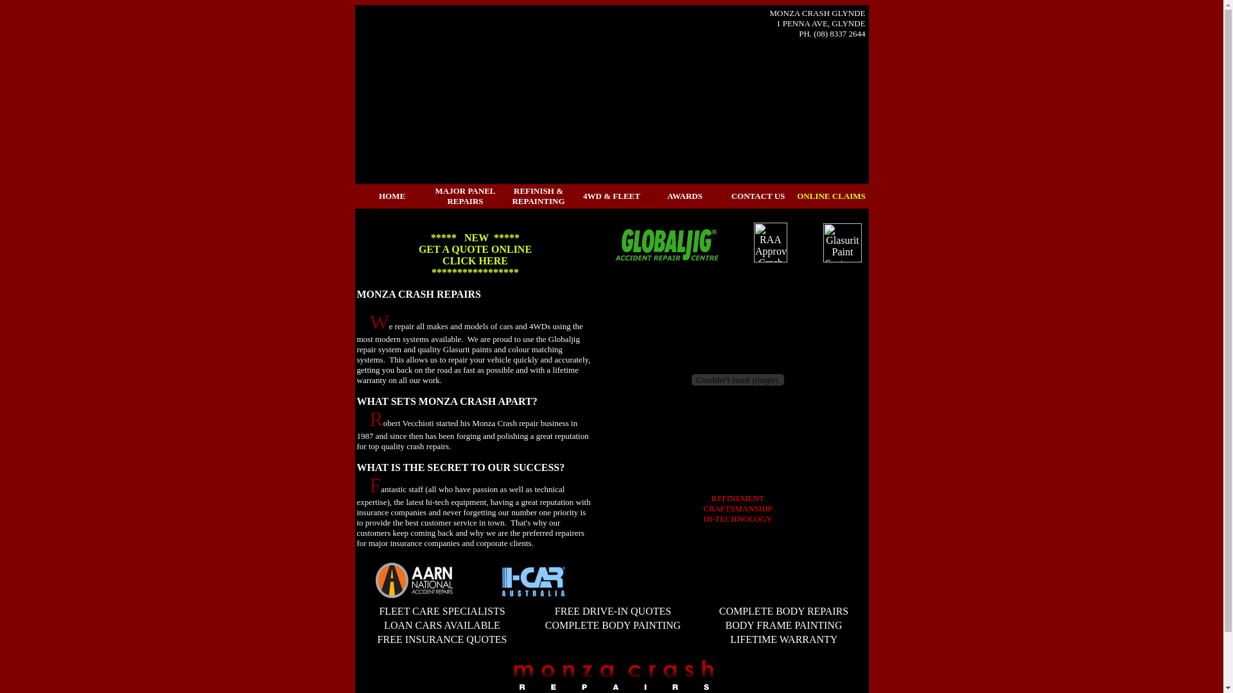 This screenshot has width=1233, height=693. What do you see at coordinates (611, 196) in the screenshot?
I see `'4WD & FLEET'` at bounding box center [611, 196].